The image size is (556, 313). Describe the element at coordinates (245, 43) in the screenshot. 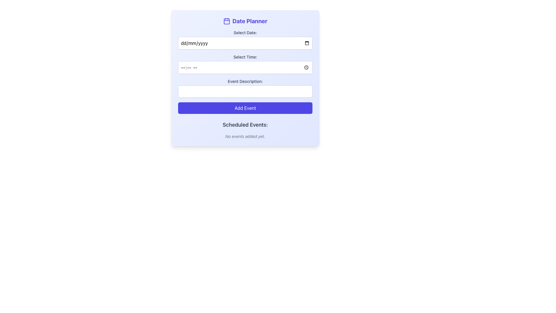

I see `a date from the calendar picker by clicking on the Date Input Field, which is a white rectangular text input with rounded corners, displaying a placeholder 'dd/mm/yyyy' and a calendar icon on the right` at that location.